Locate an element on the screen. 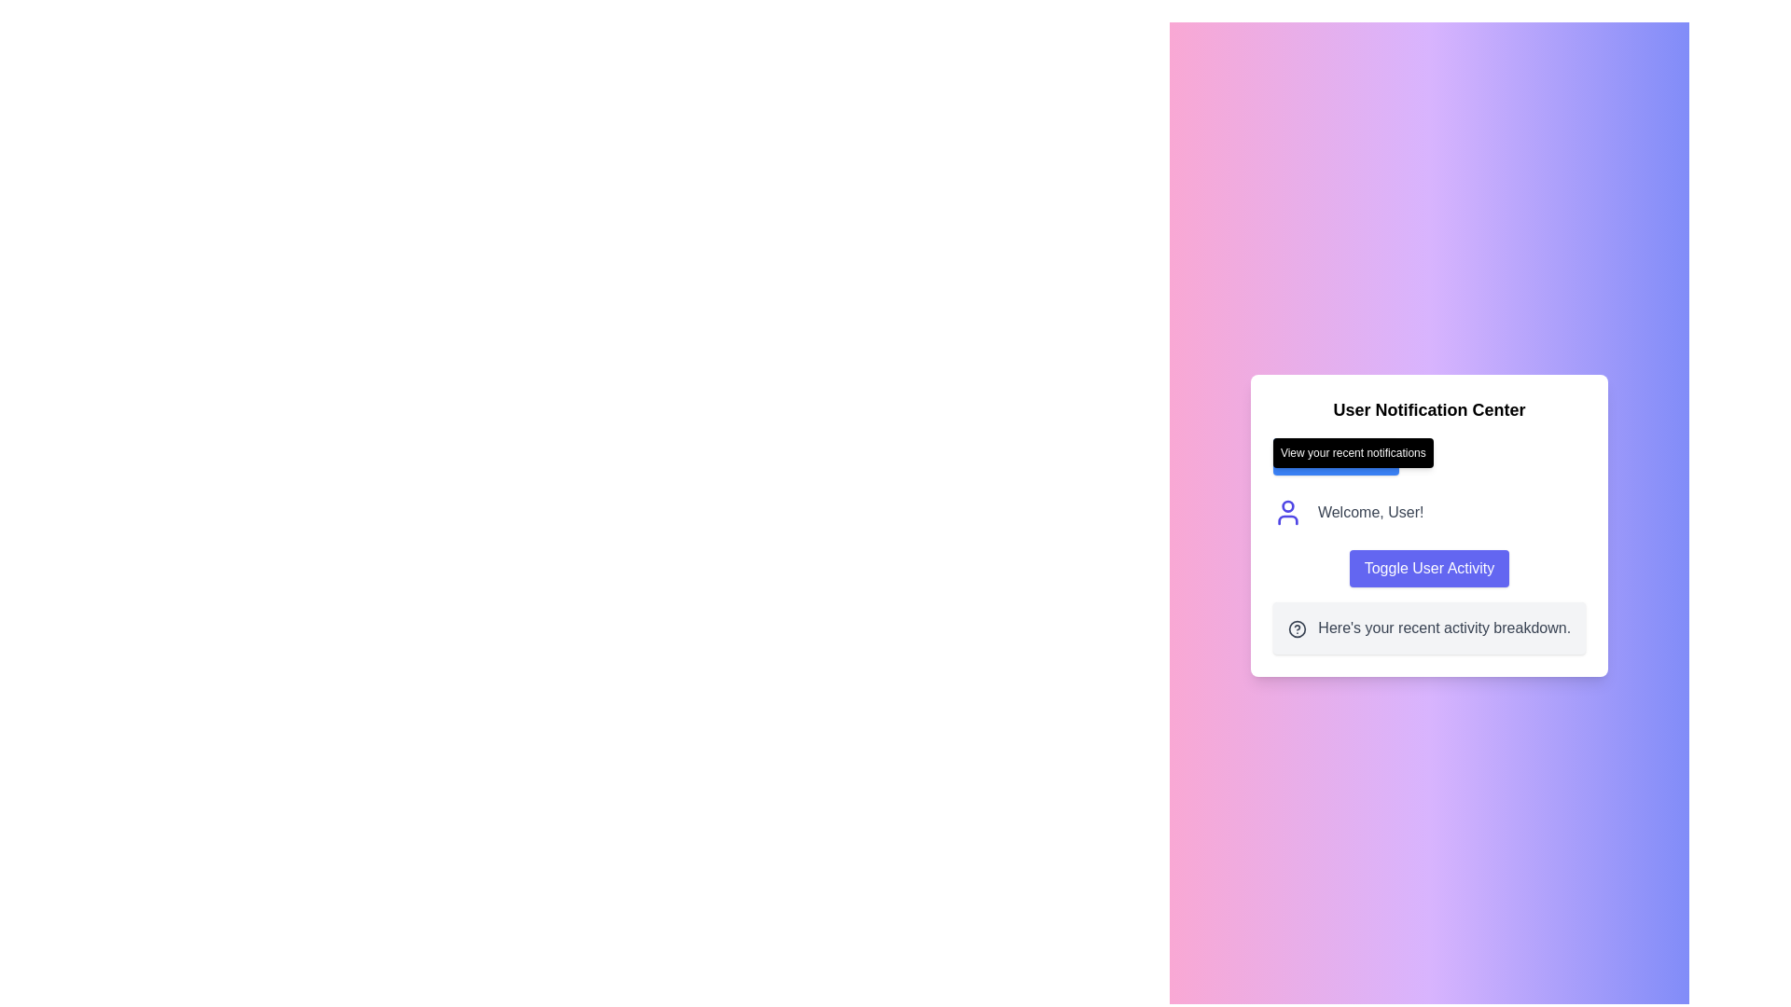  the Notifications button icon, which features a bell icon and is located at the top section of the notification center box is located at coordinates (1290, 456).